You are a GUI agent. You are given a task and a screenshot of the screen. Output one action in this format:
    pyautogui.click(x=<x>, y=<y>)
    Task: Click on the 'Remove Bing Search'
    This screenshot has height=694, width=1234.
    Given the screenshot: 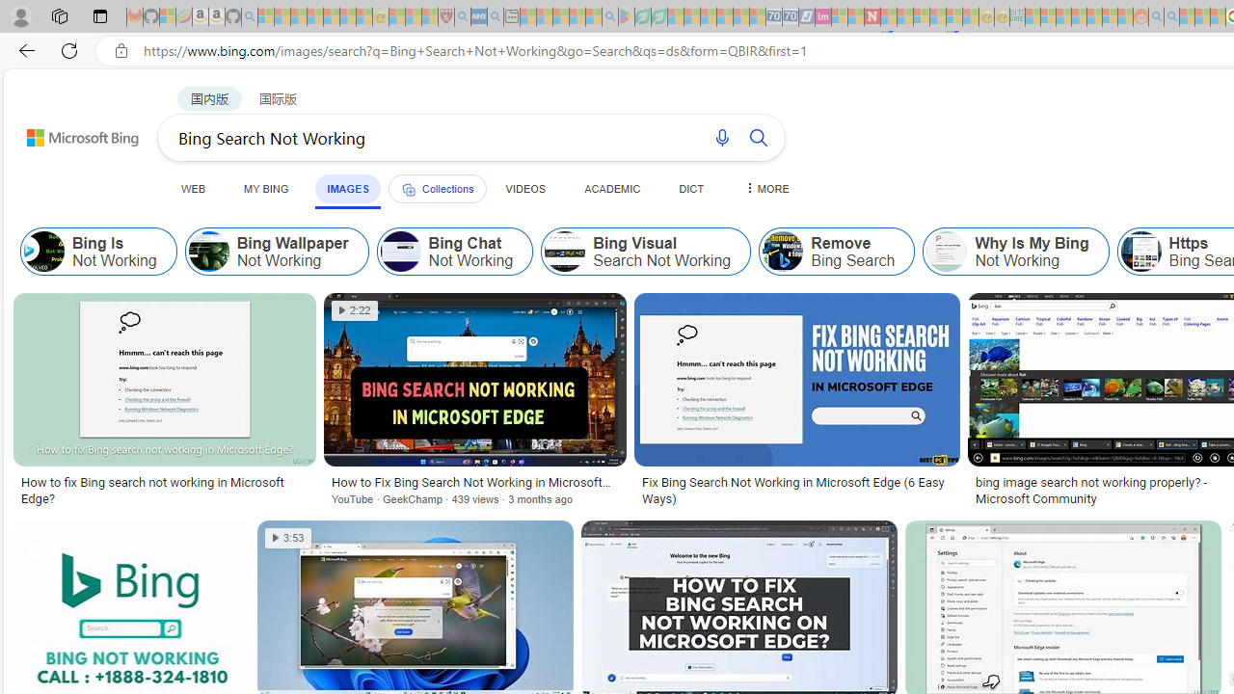 What is the action you would take?
    pyautogui.click(x=837, y=251)
    